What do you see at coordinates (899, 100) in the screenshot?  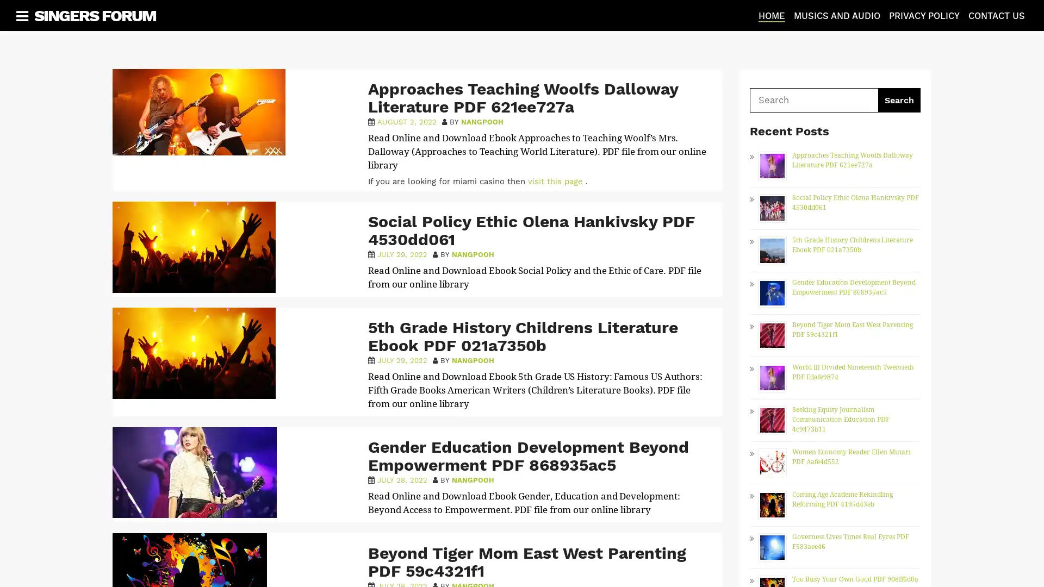 I see `Search` at bounding box center [899, 100].